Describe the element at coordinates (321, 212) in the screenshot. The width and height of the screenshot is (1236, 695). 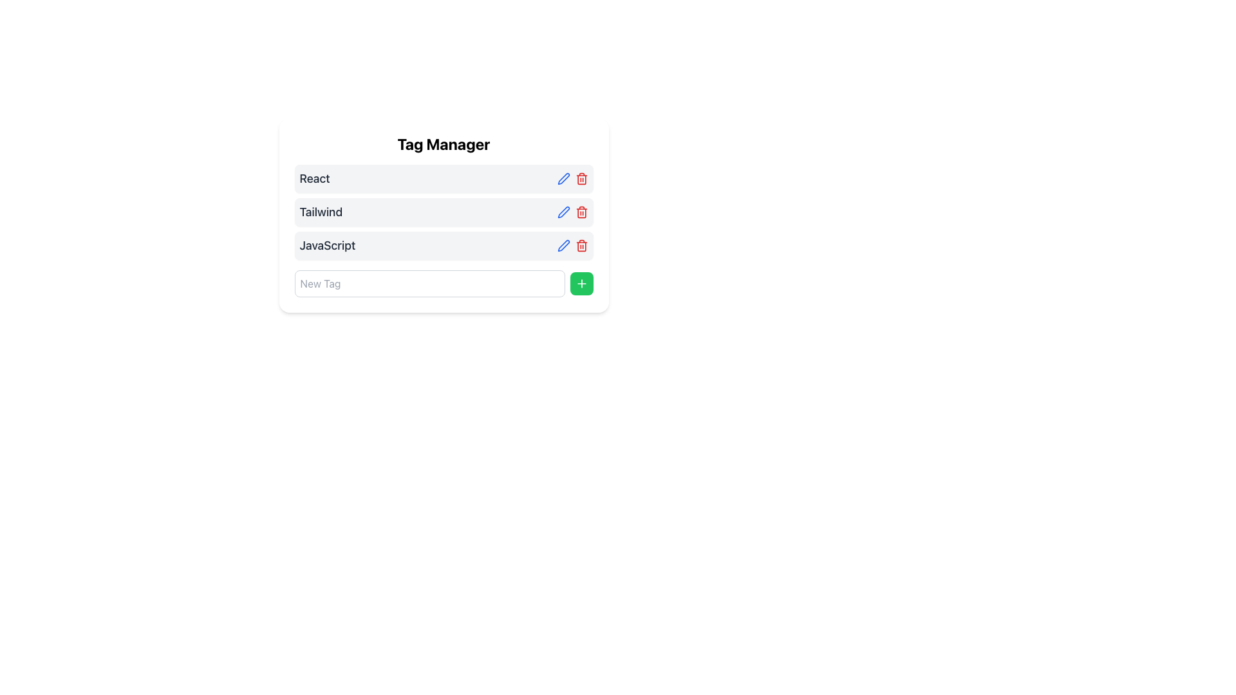
I see `the text label displaying 'Tailwind' which is located within the 'Tag Manager' panel, positioned below the 'React' label and above 'JavaScript'` at that location.